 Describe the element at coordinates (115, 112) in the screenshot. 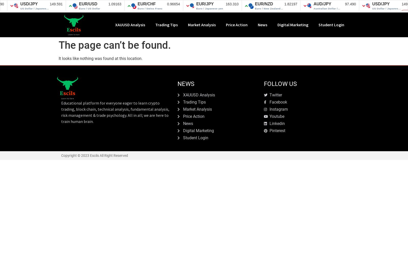

I see `'Educational platform for everyone eager to learn crypto trading, block chain, technical analysis, fundamental analysis, risk management & trade psychology. All in all; we are here to train human brain.'` at that location.